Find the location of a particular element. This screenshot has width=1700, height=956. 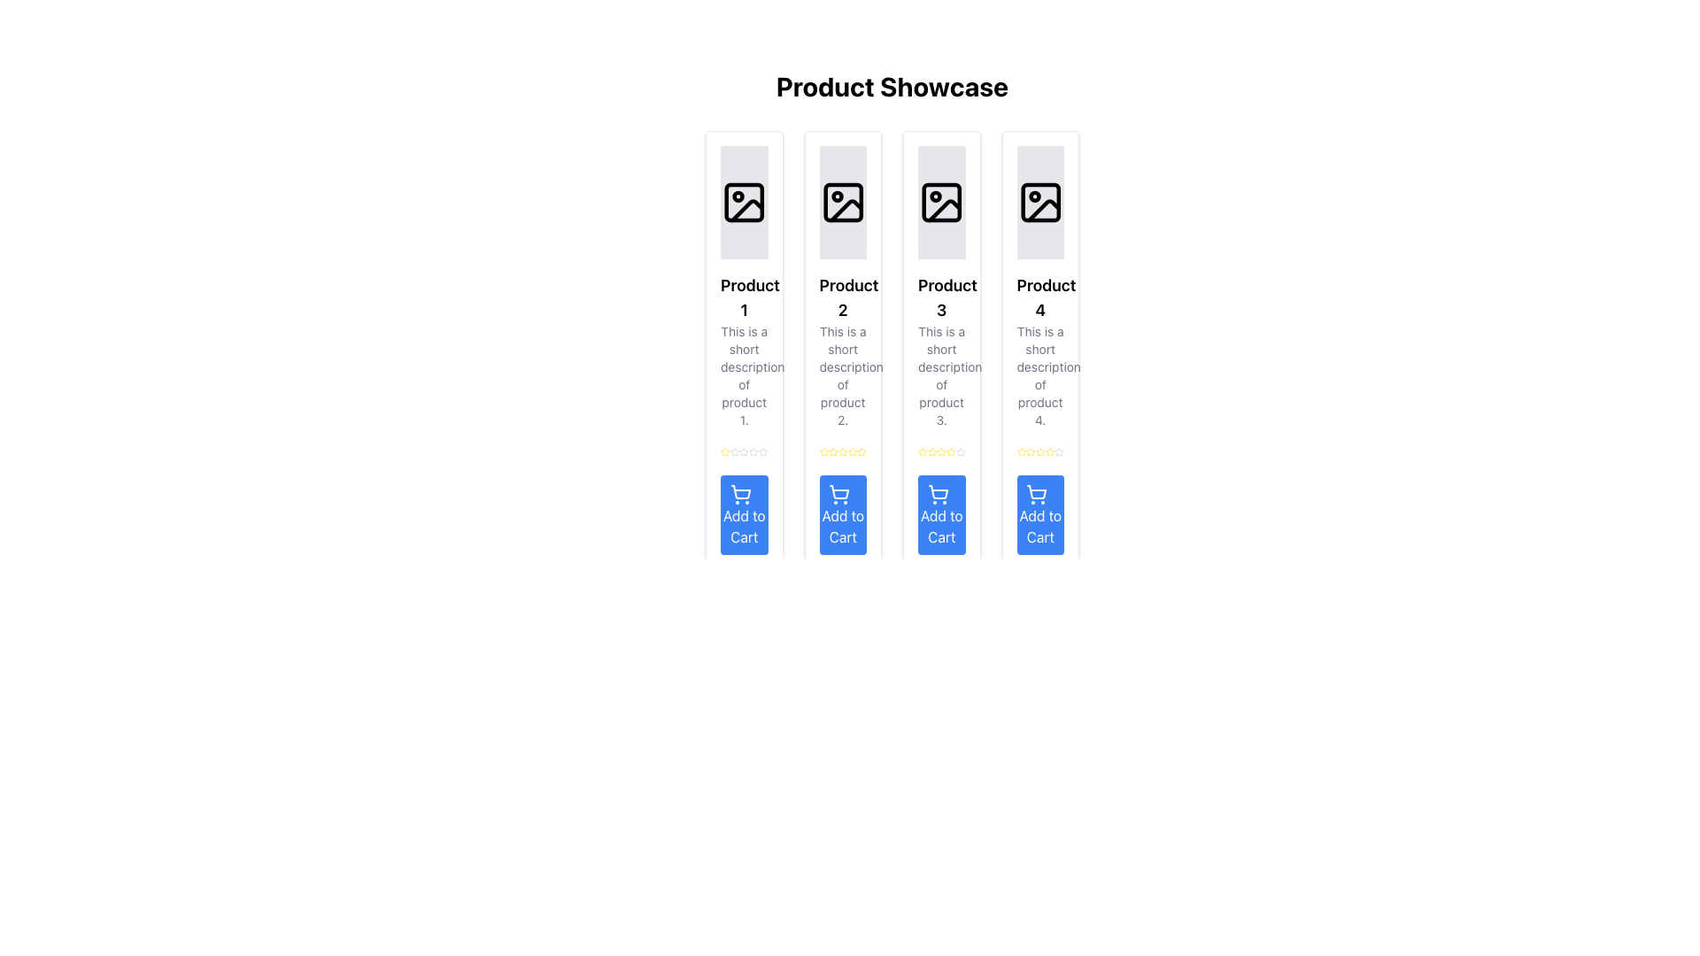

the star icon in the fourth column of the product showcase grid, which represents a single rating point for 'Product 4' is located at coordinates (1031, 451).